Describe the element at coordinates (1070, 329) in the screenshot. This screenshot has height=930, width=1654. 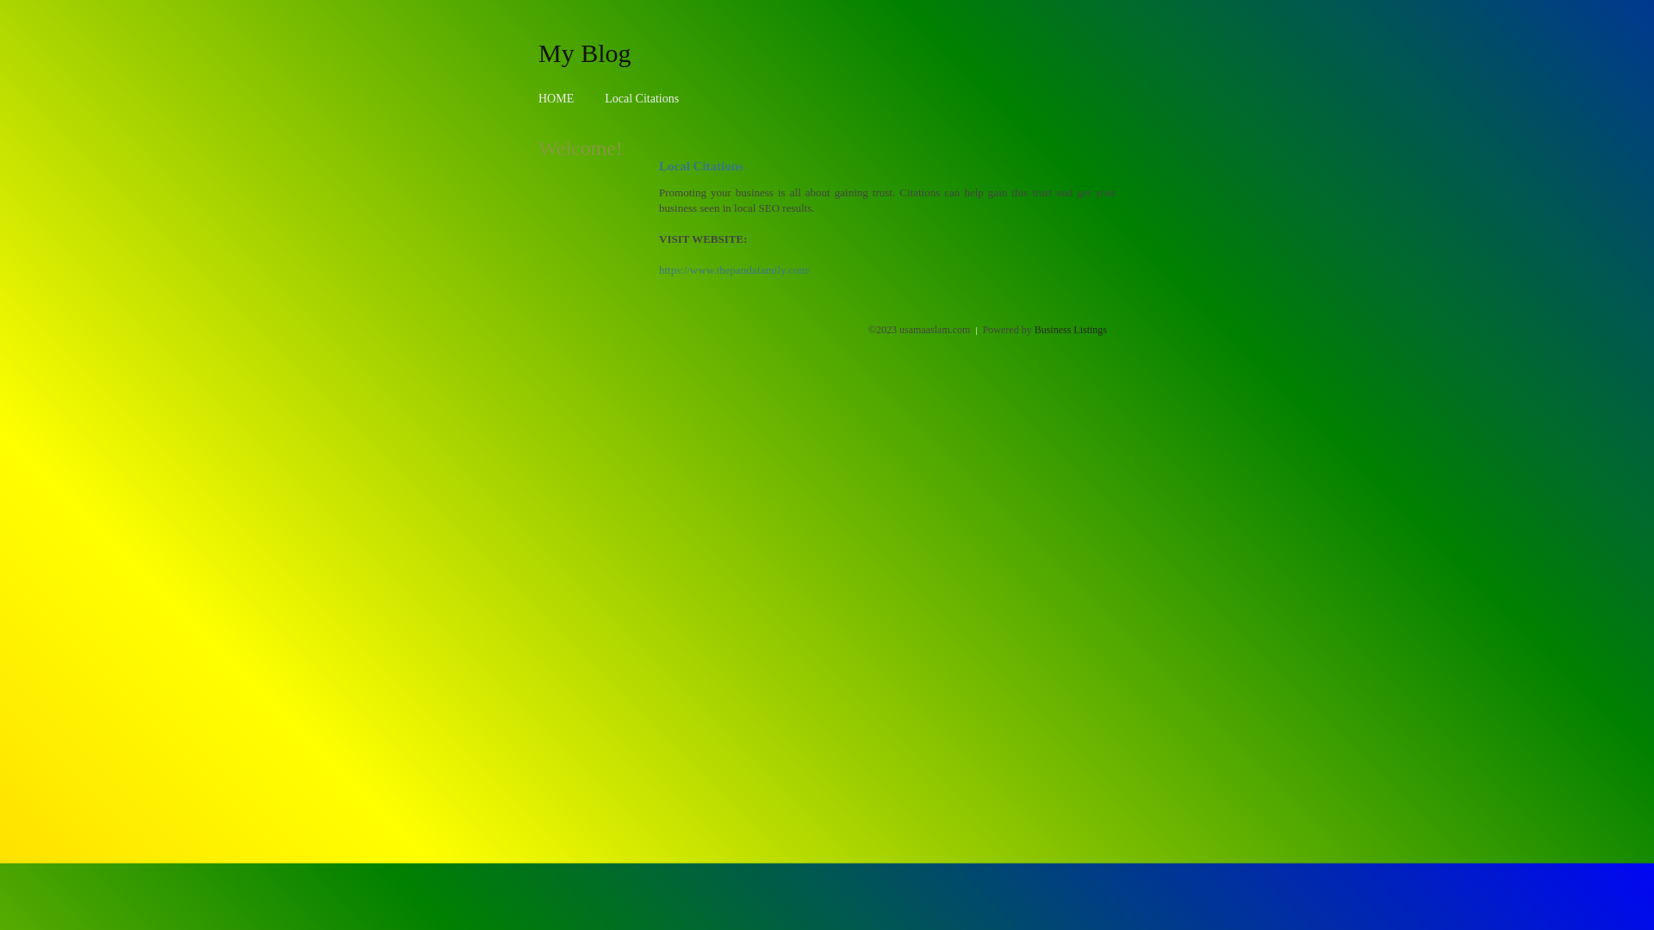
I see `'Business Listings'` at that location.